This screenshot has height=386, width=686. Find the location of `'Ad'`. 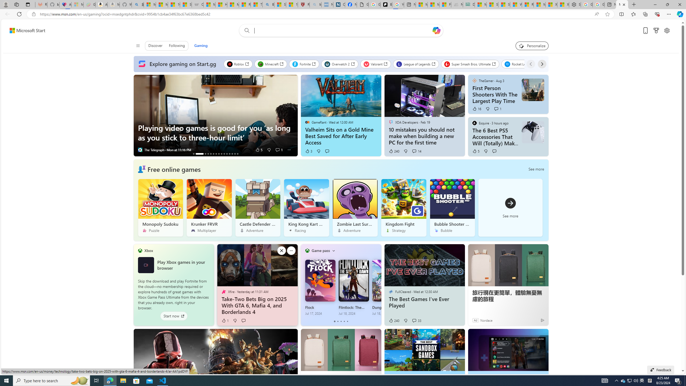

'Ad' is located at coordinates (475, 320).